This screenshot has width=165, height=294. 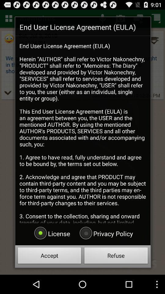 What do you see at coordinates (49, 256) in the screenshot?
I see `the accept item` at bounding box center [49, 256].